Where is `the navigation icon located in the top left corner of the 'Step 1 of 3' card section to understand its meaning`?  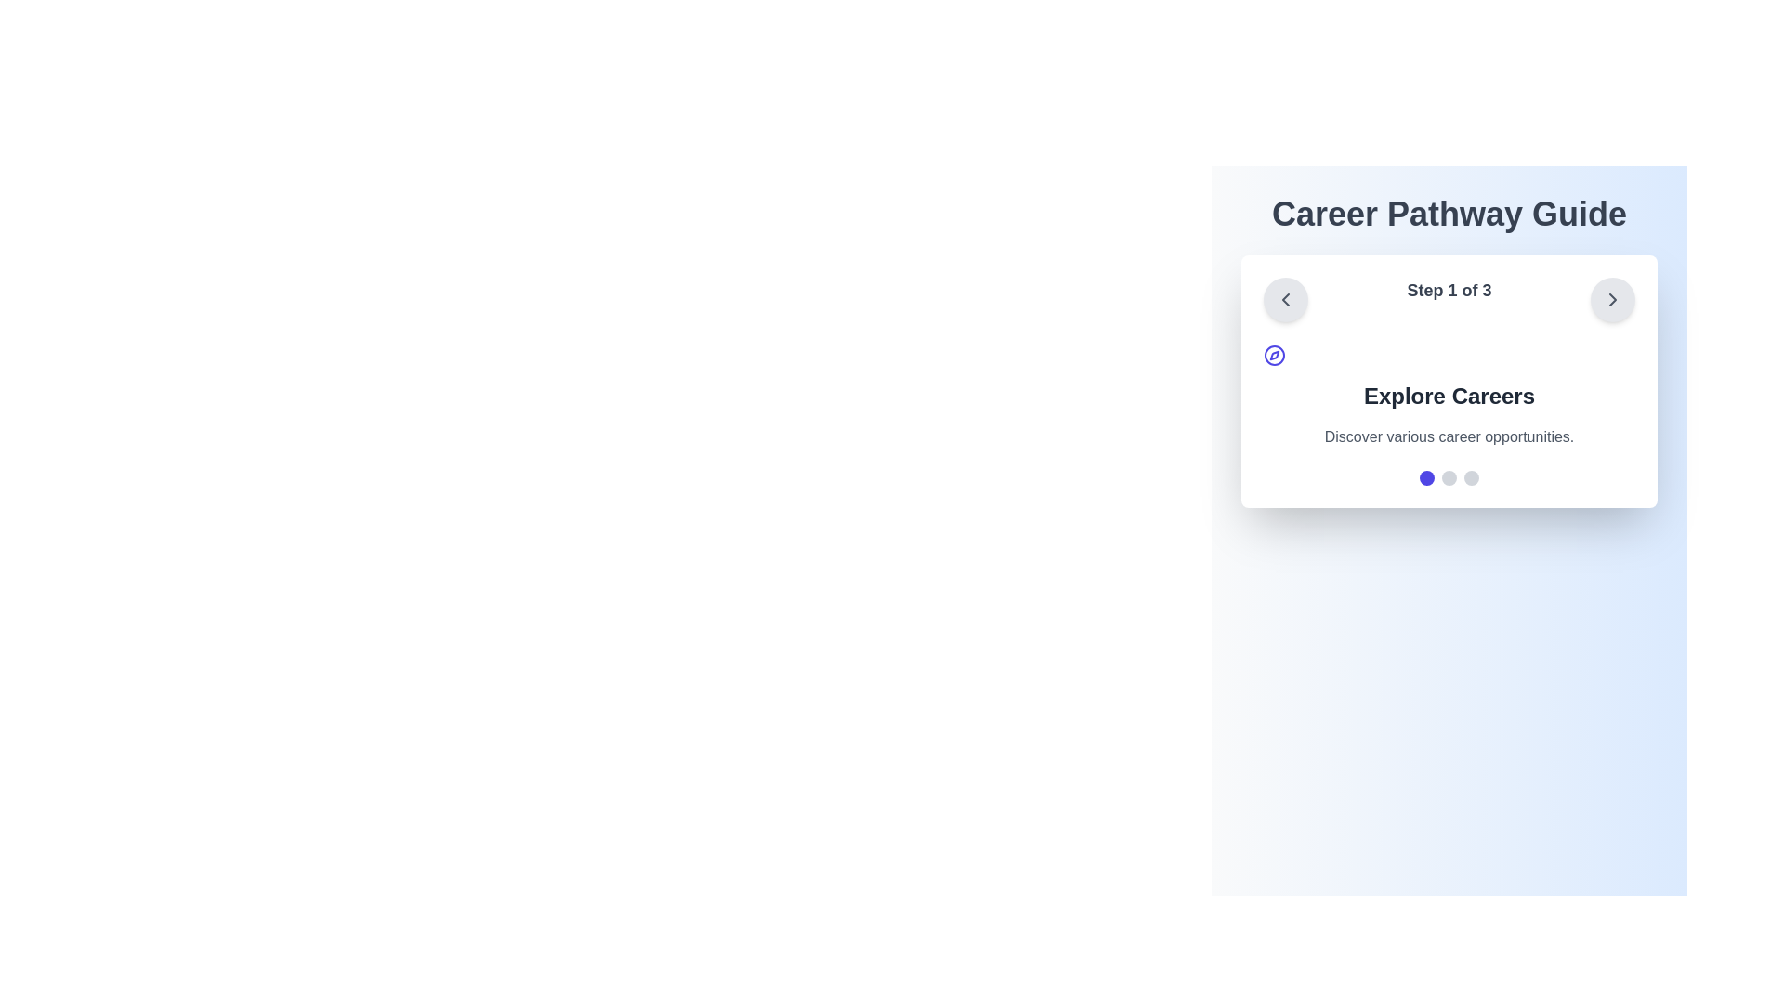 the navigation icon located in the top left corner of the 'Step 1 of 3' card section to understand its meaning is located at coordinates (1274, 355).